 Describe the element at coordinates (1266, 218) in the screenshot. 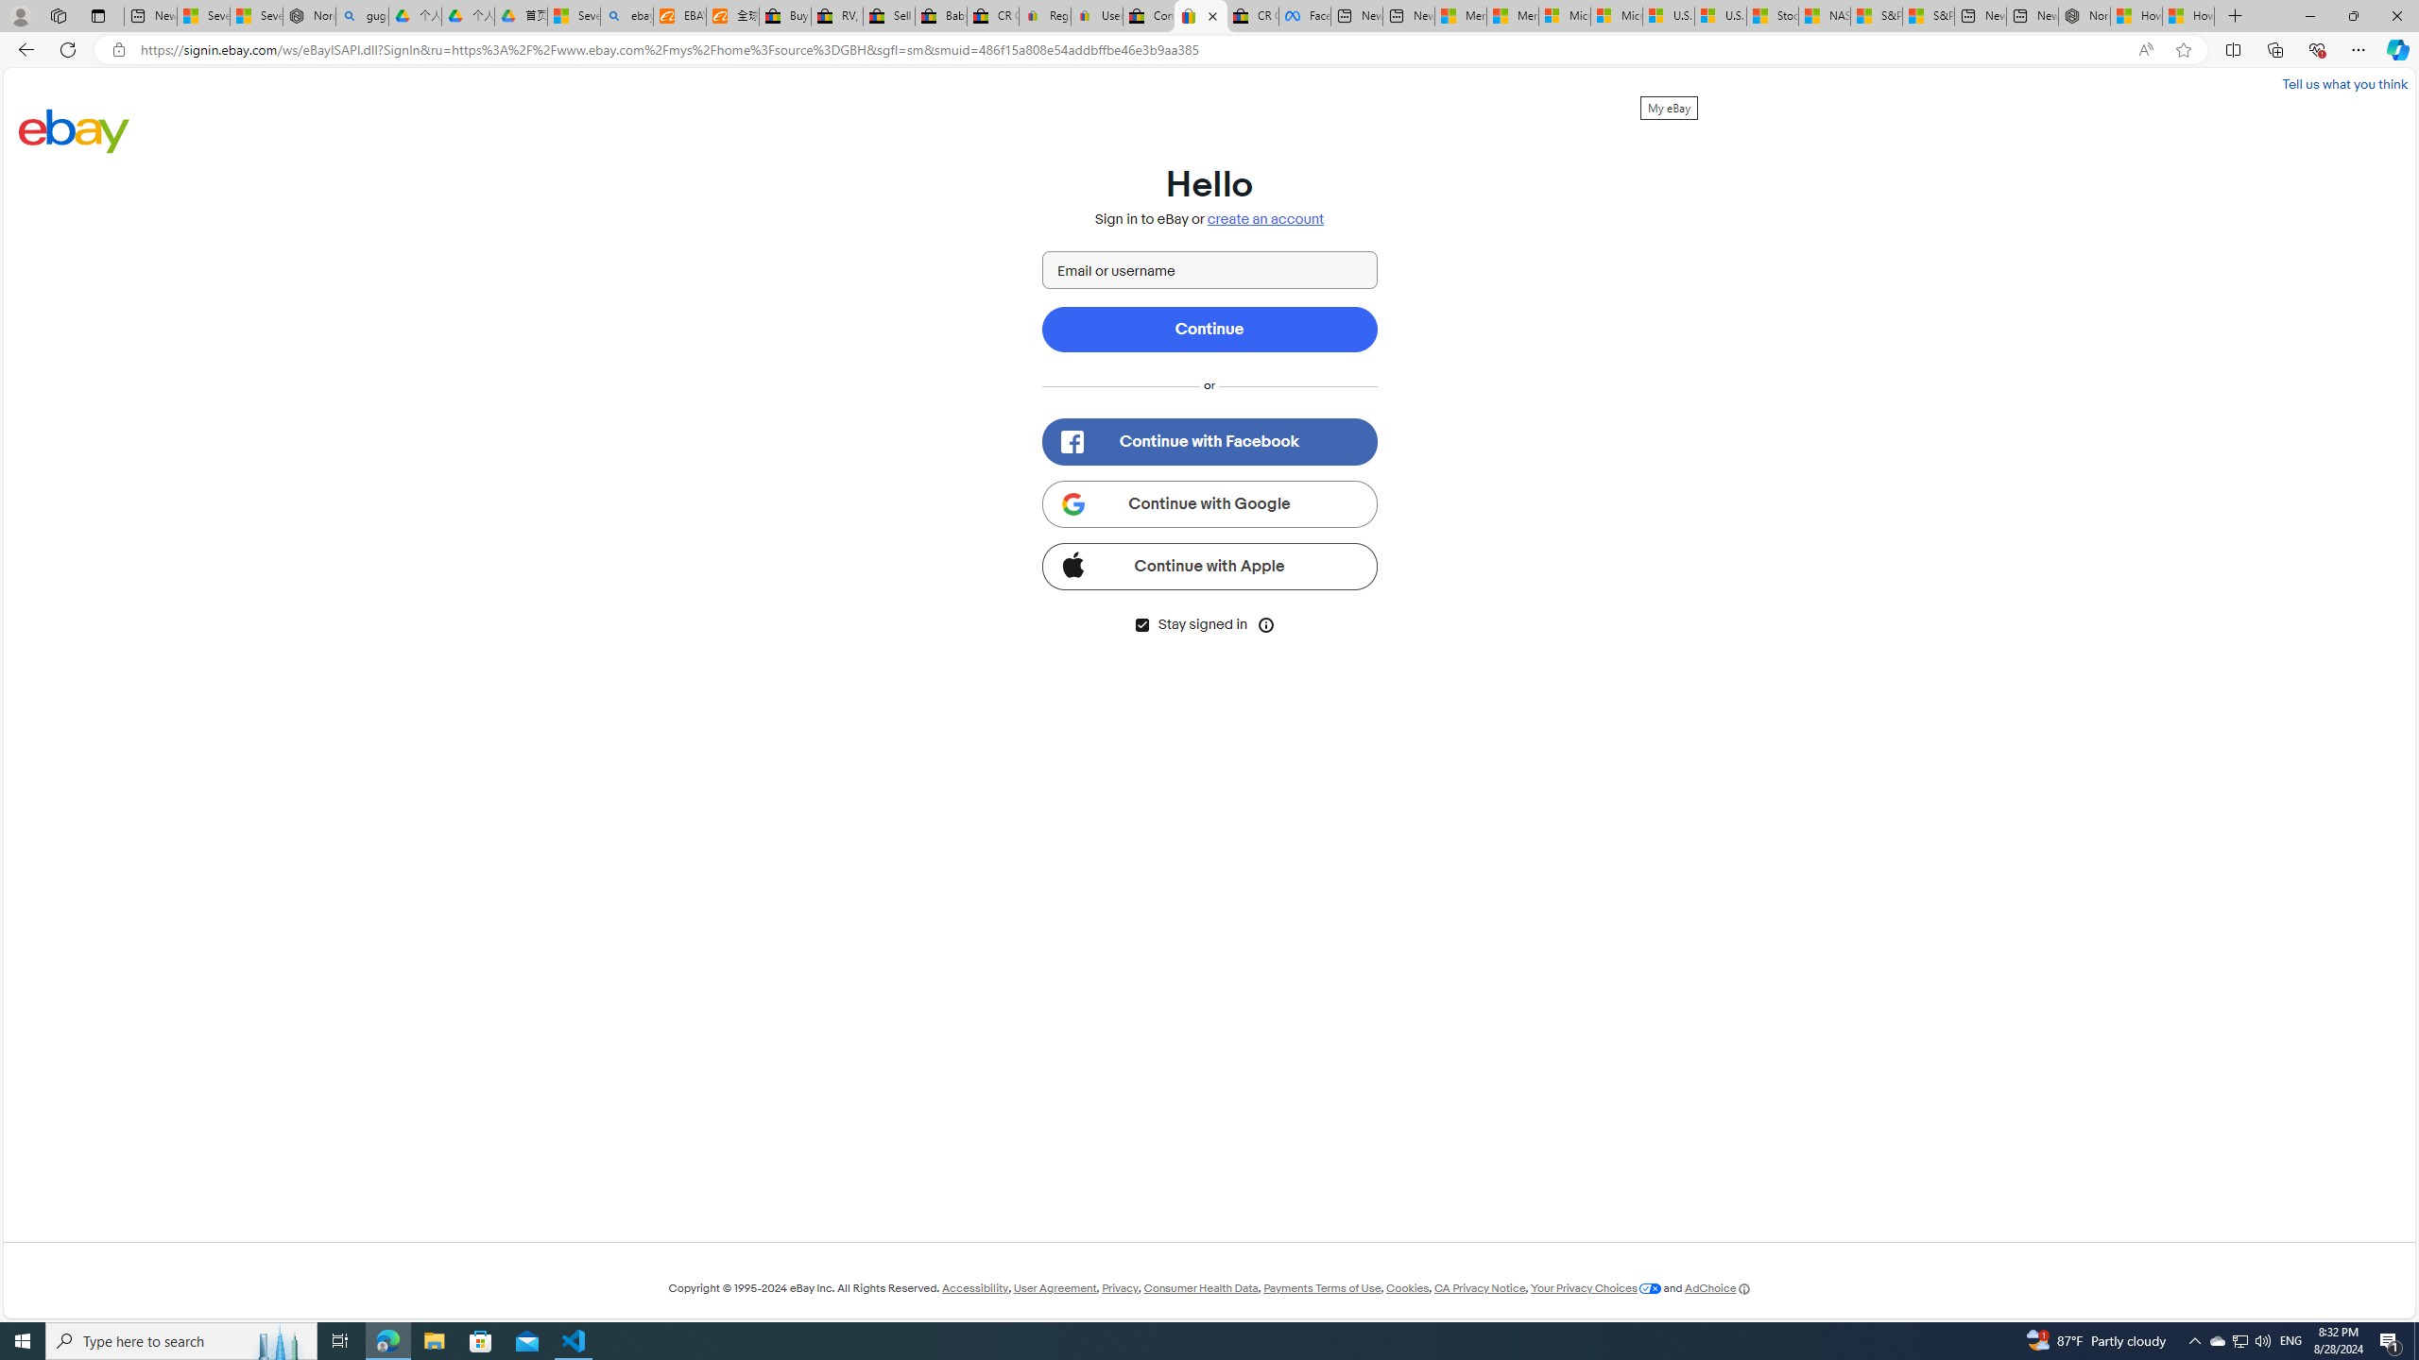

I see `'create an account'` at that location.